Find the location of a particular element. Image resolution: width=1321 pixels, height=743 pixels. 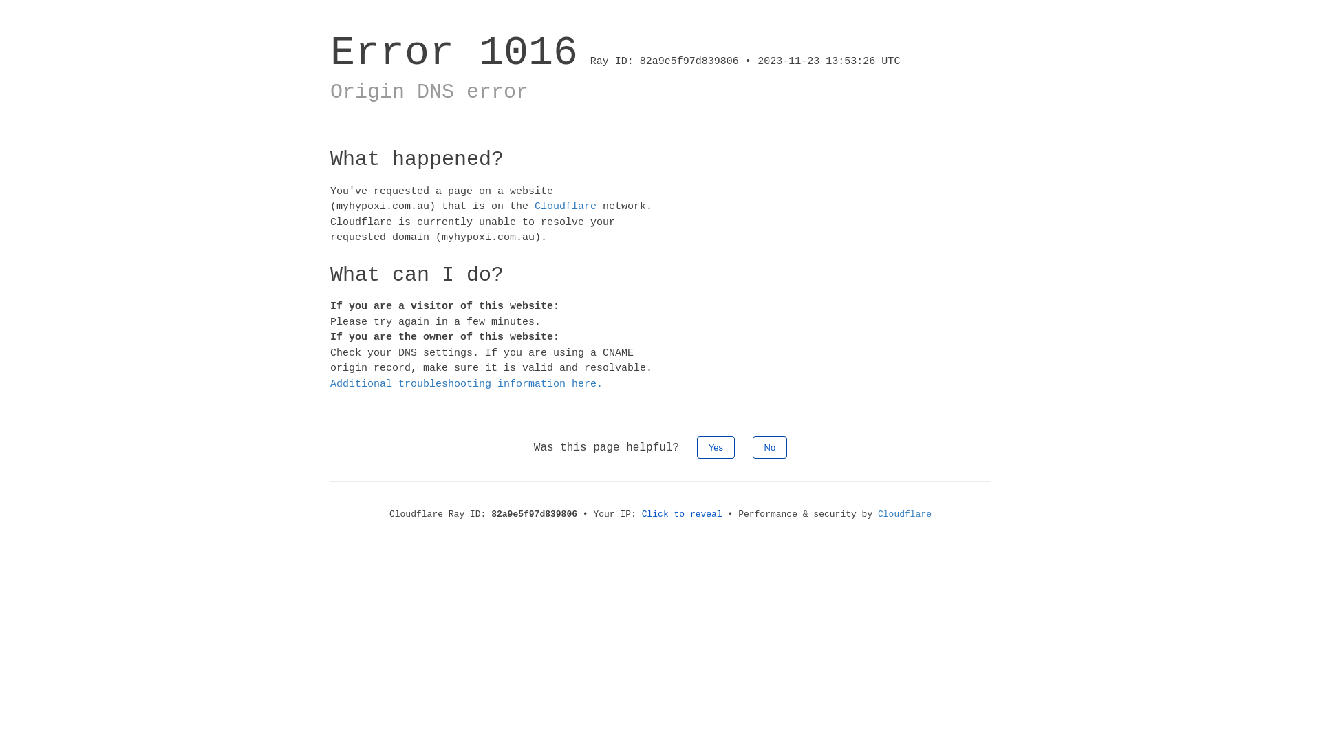

'Click to reveal' is located at coordinates (682, 514).